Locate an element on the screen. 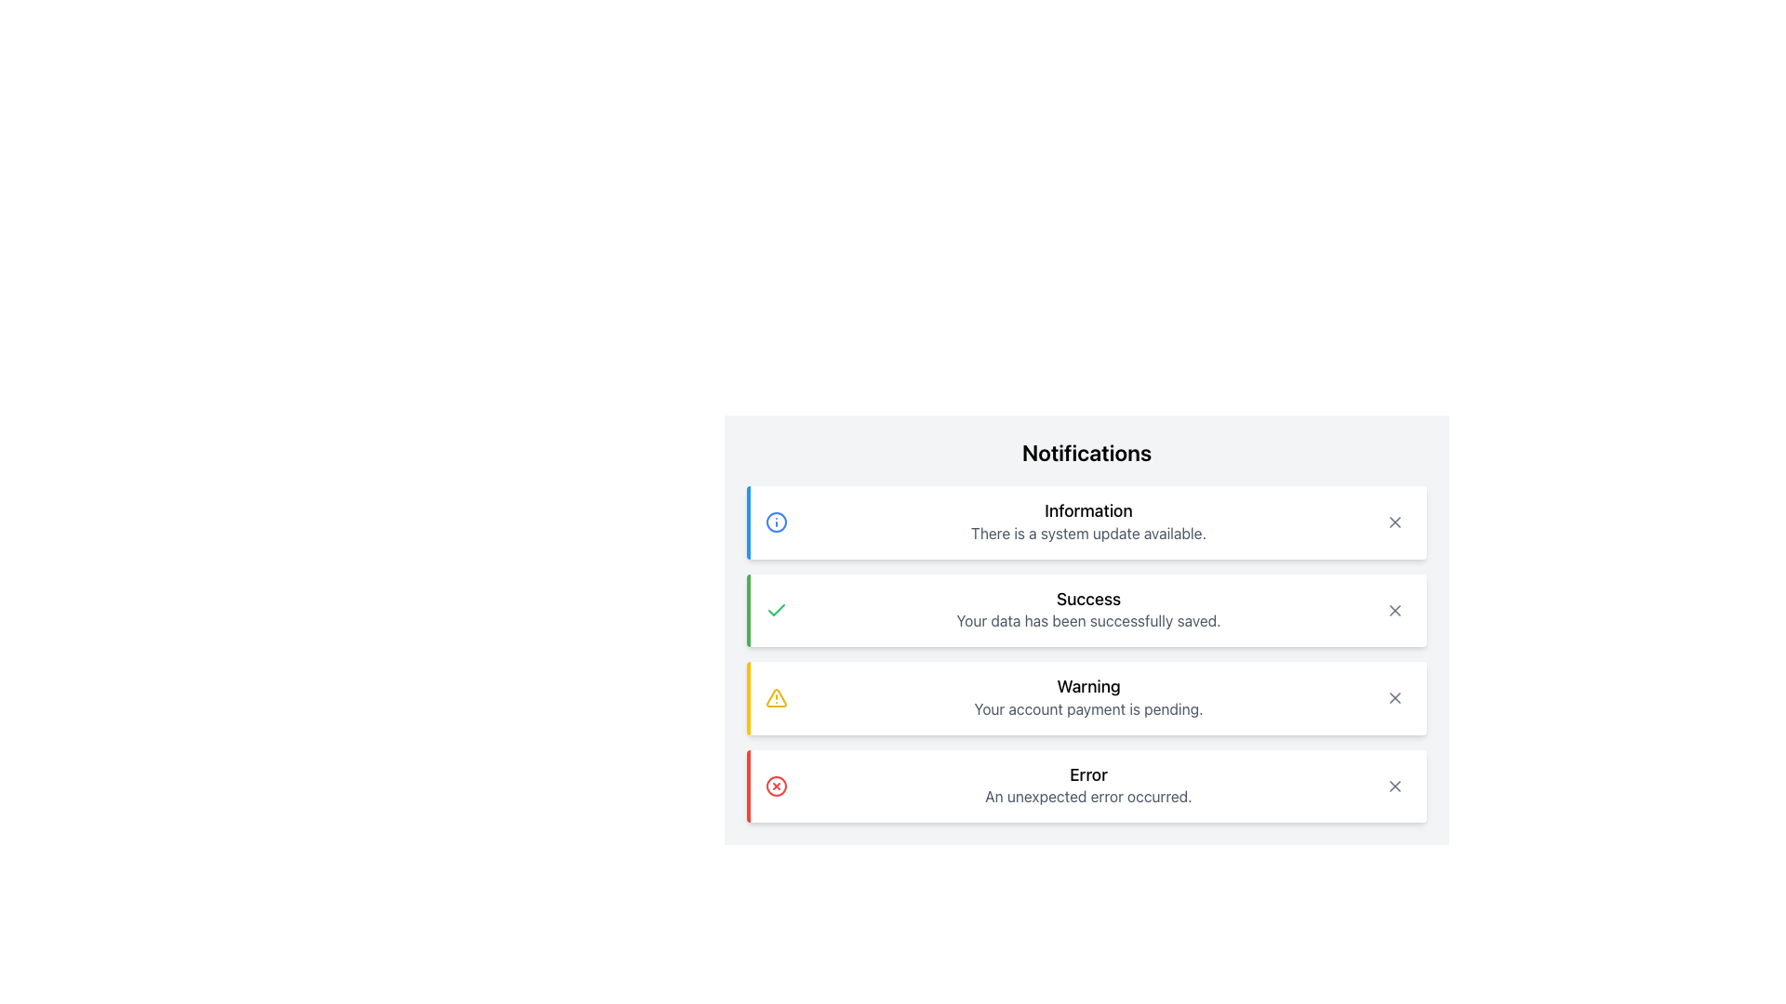 Image resolution: width=1786 pixels, height=1004 pixels. the Circular Icon representing an informational message about a system update, located on the far-left of the 'Information' notification item is located at coordinates (777, 522).